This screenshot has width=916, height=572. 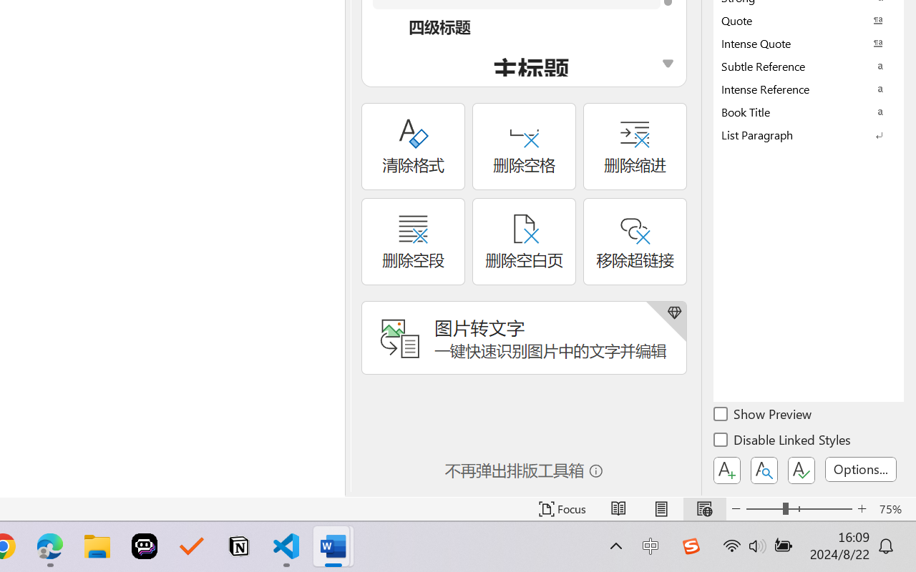 What do you see at coordinates (860, 468) in the screenshot?
I see `'Options...'` at bounding box center [860, 468].